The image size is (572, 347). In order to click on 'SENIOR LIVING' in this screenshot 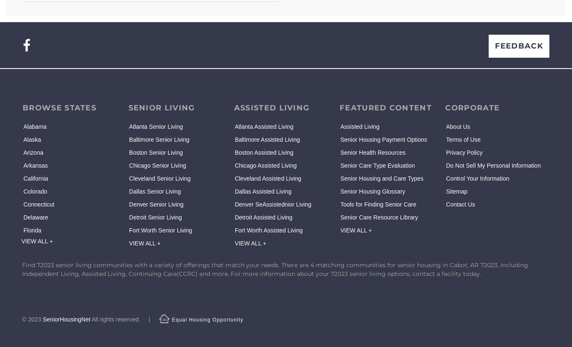, I will do `click(128, 107)`.